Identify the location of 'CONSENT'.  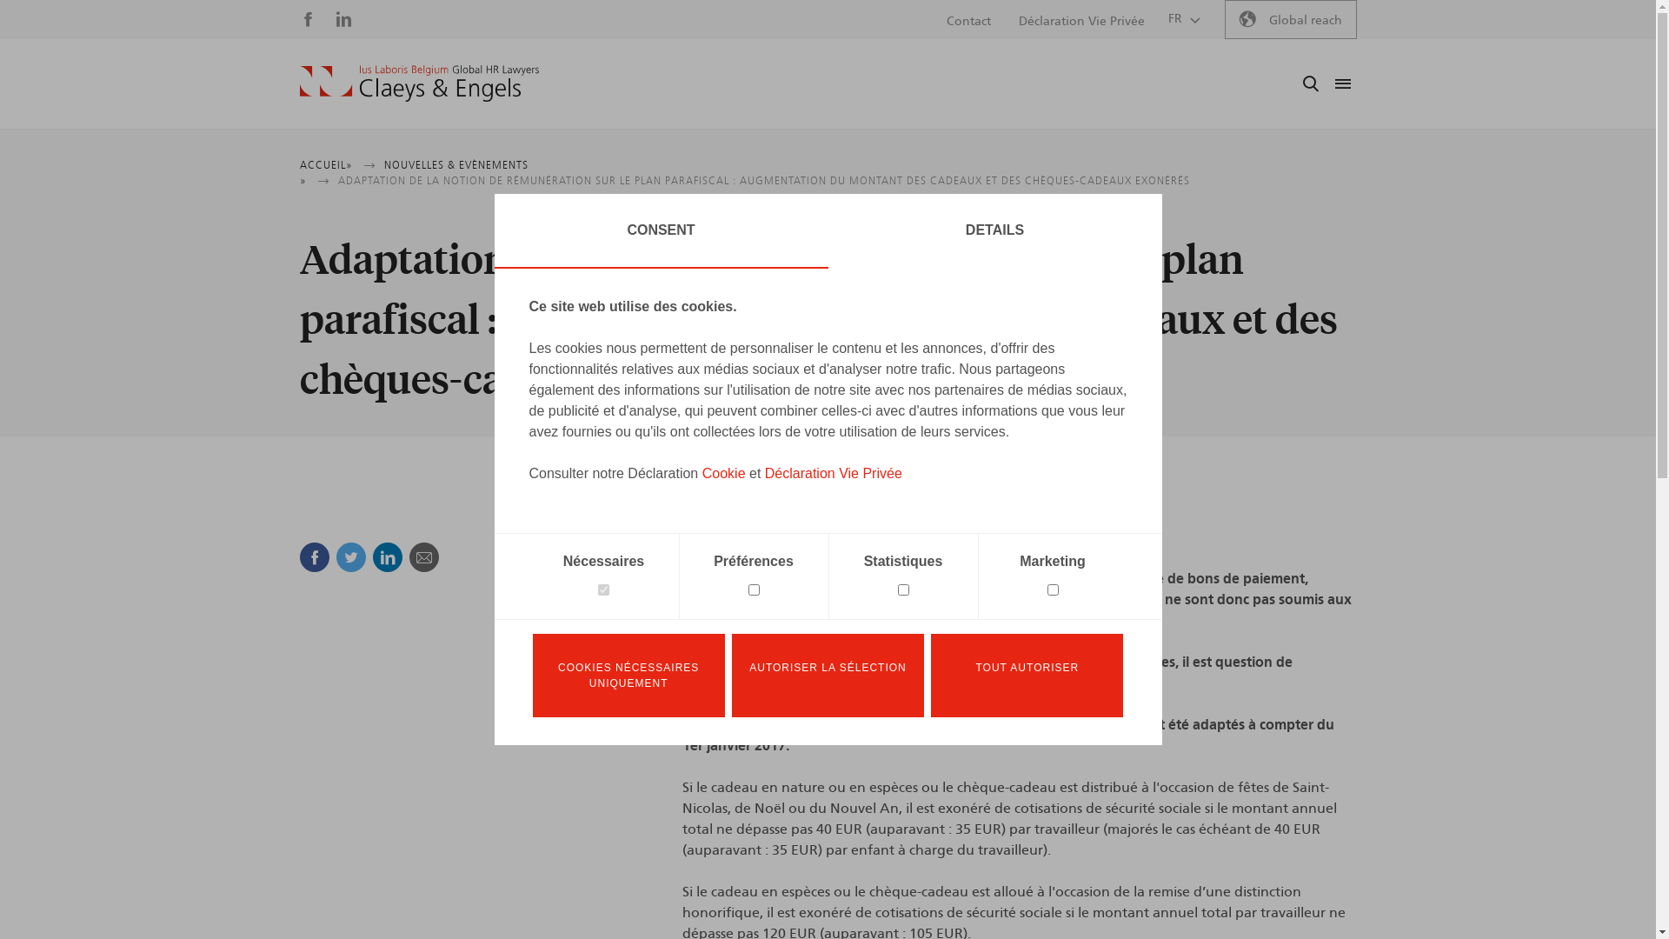
(659, 230).